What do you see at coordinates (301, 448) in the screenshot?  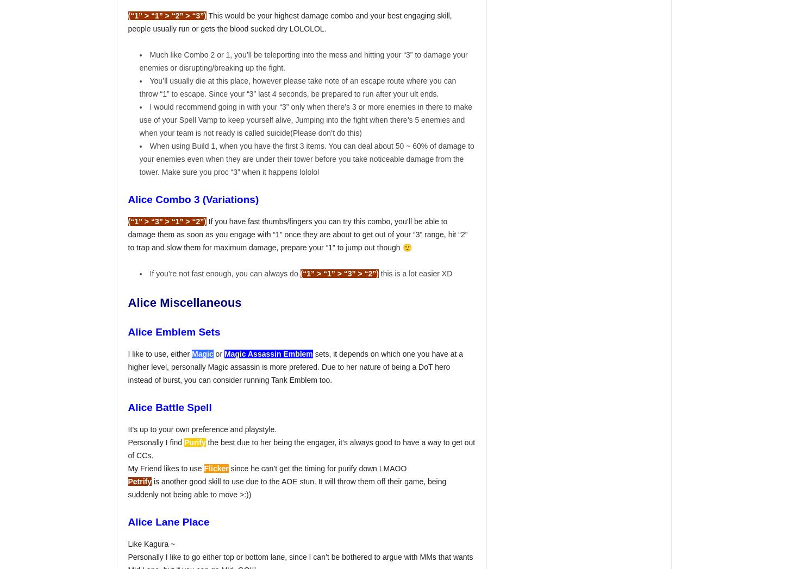 I see `'the best due to her being the engager, it’s always good to have a way to get out of CCs.'` at bounding box center [301, 448].